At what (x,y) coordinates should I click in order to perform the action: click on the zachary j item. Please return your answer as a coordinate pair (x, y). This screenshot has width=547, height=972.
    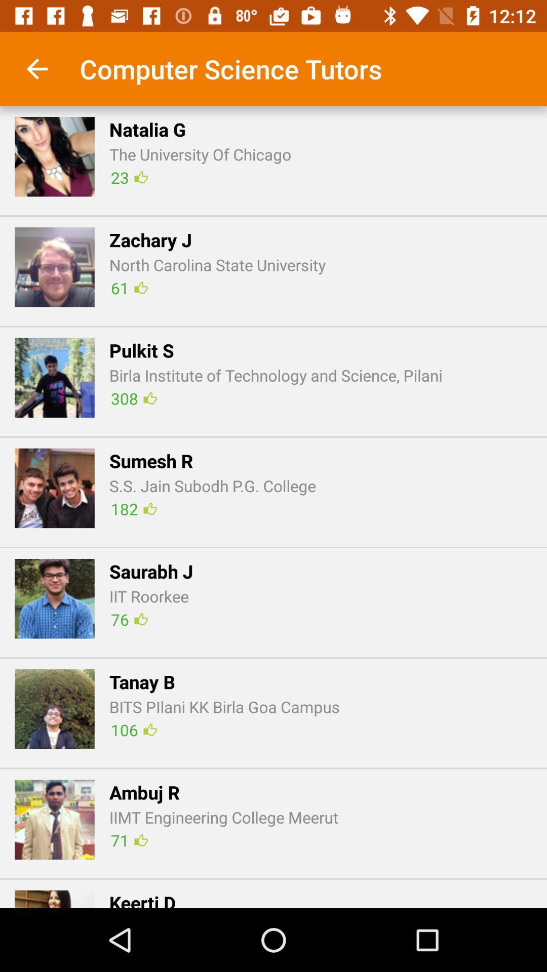
    Looking at the image, I should click on (150, 239).